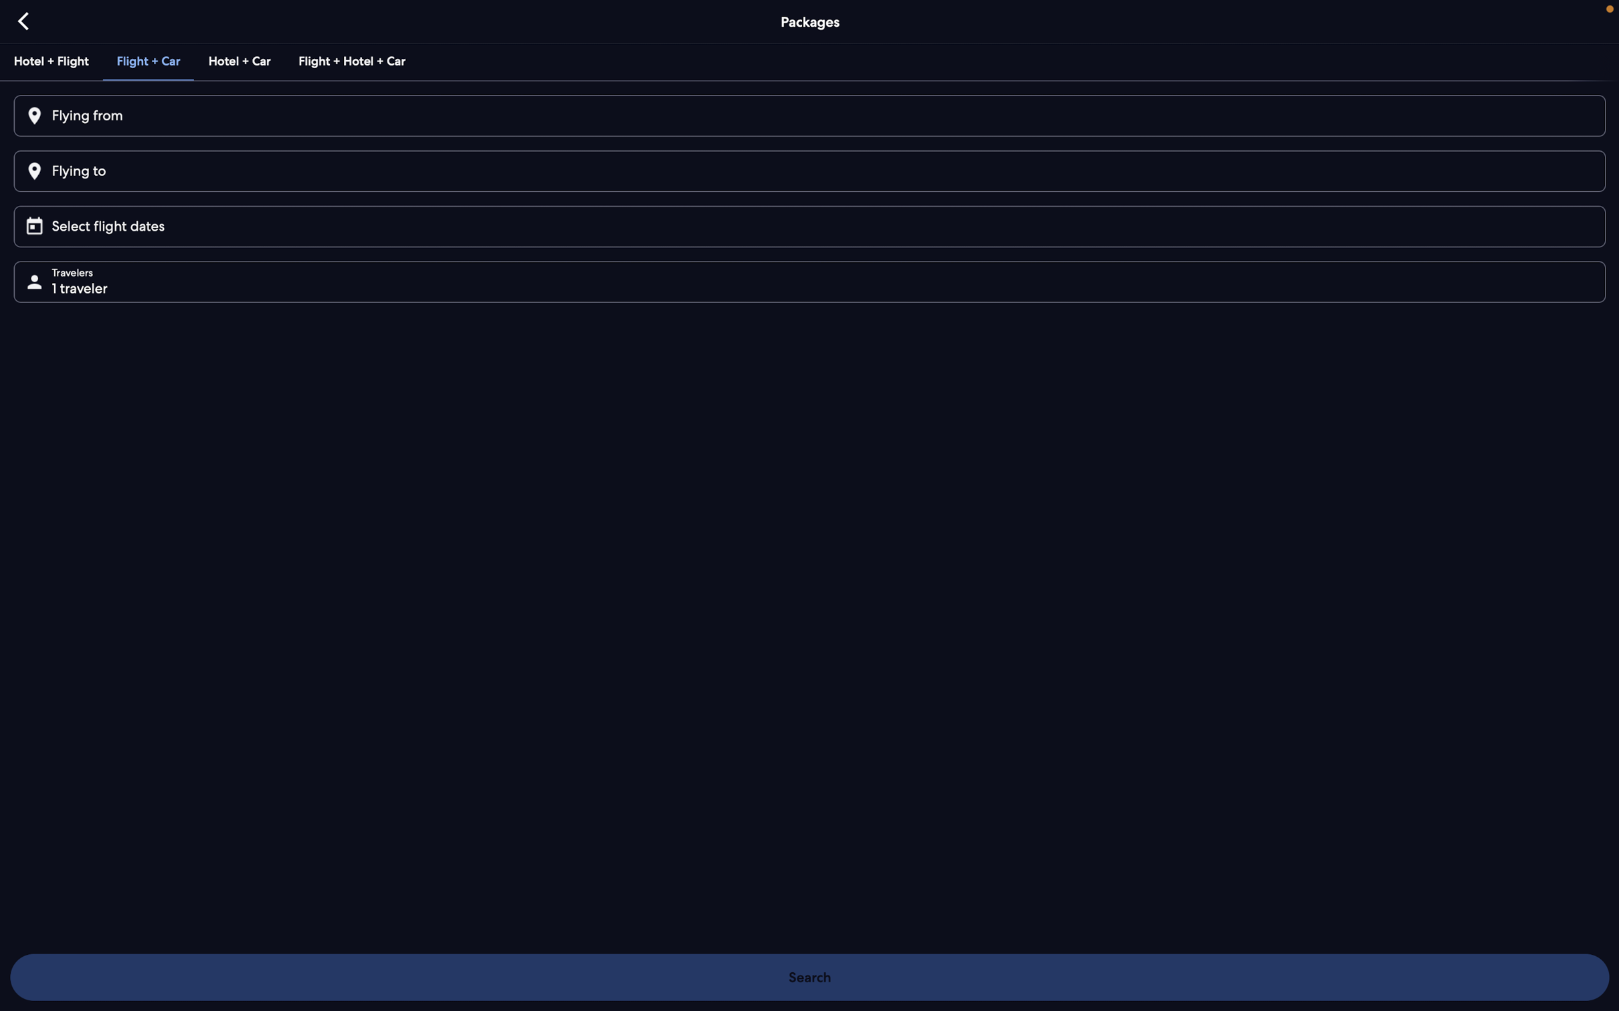  What do you see at coordinates (814, 280) in the screenshot?
I see `Increase the number of travellers by 2` at bounding box center [814, 280].